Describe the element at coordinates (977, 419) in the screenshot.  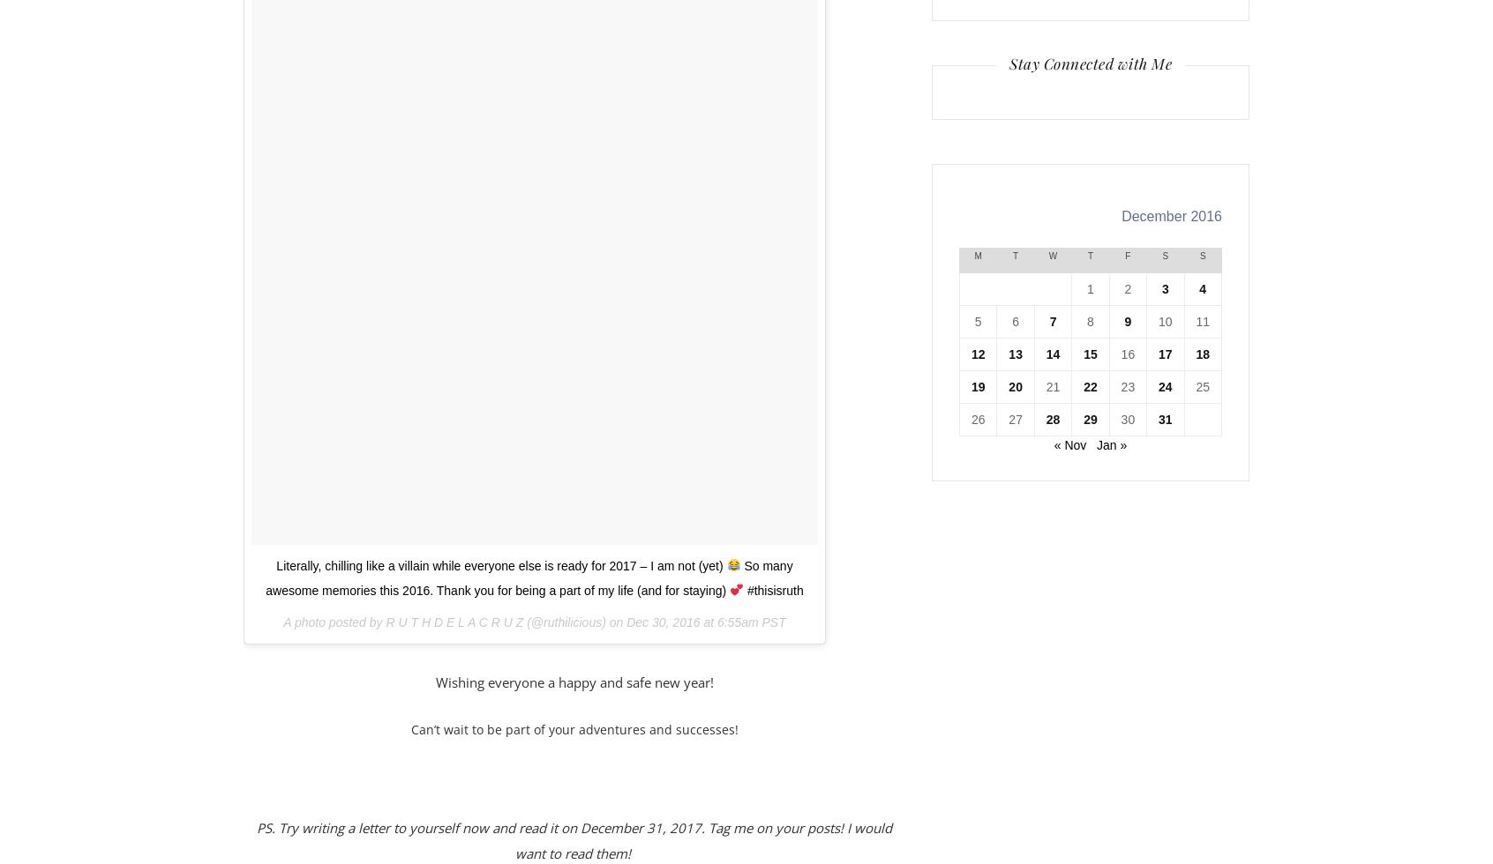
I see `'26'` at that location.